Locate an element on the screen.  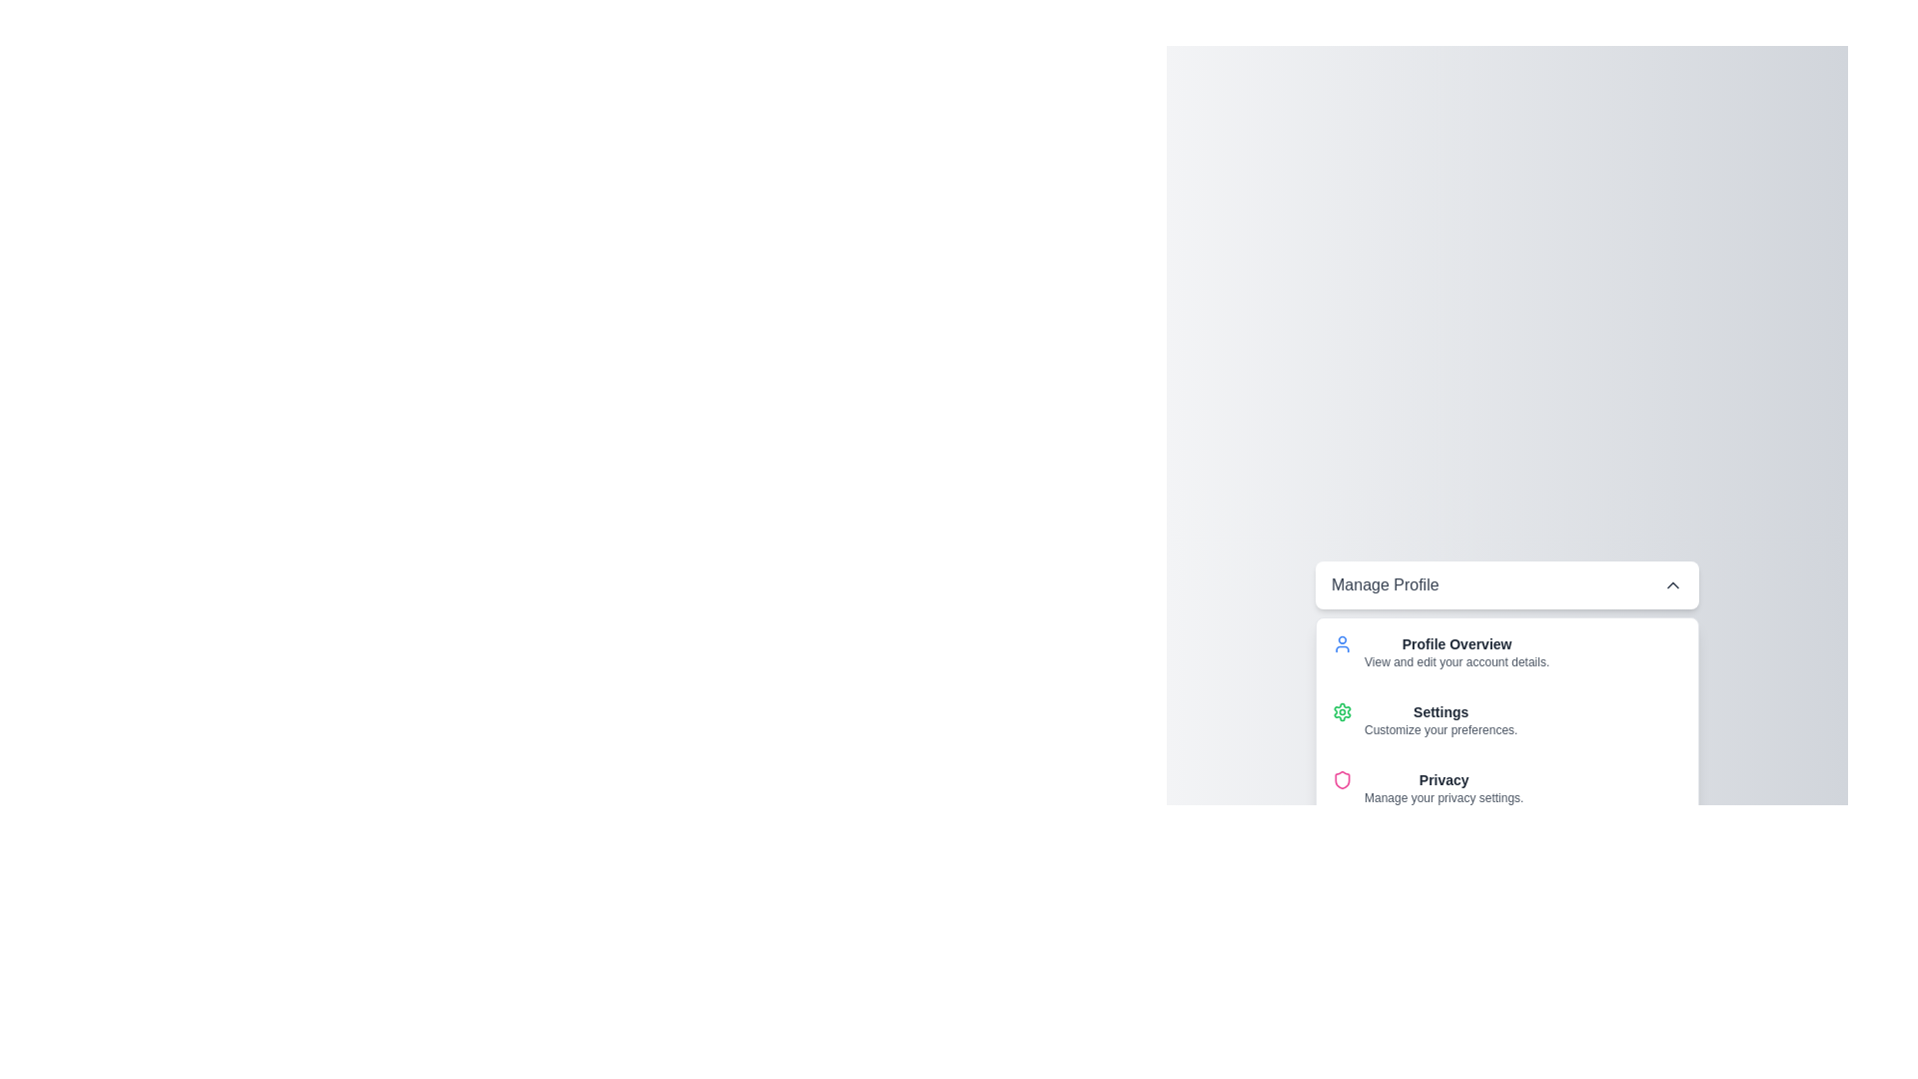
the shield icon with a pink border located in the 'Privacy' section, which is the leftmost element in that section is located at coordinates (1343, 778).